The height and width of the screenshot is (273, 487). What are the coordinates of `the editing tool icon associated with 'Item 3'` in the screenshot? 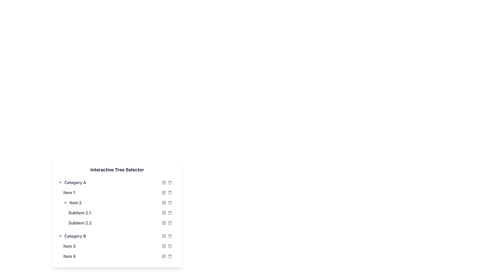 It's located at (164, 246).